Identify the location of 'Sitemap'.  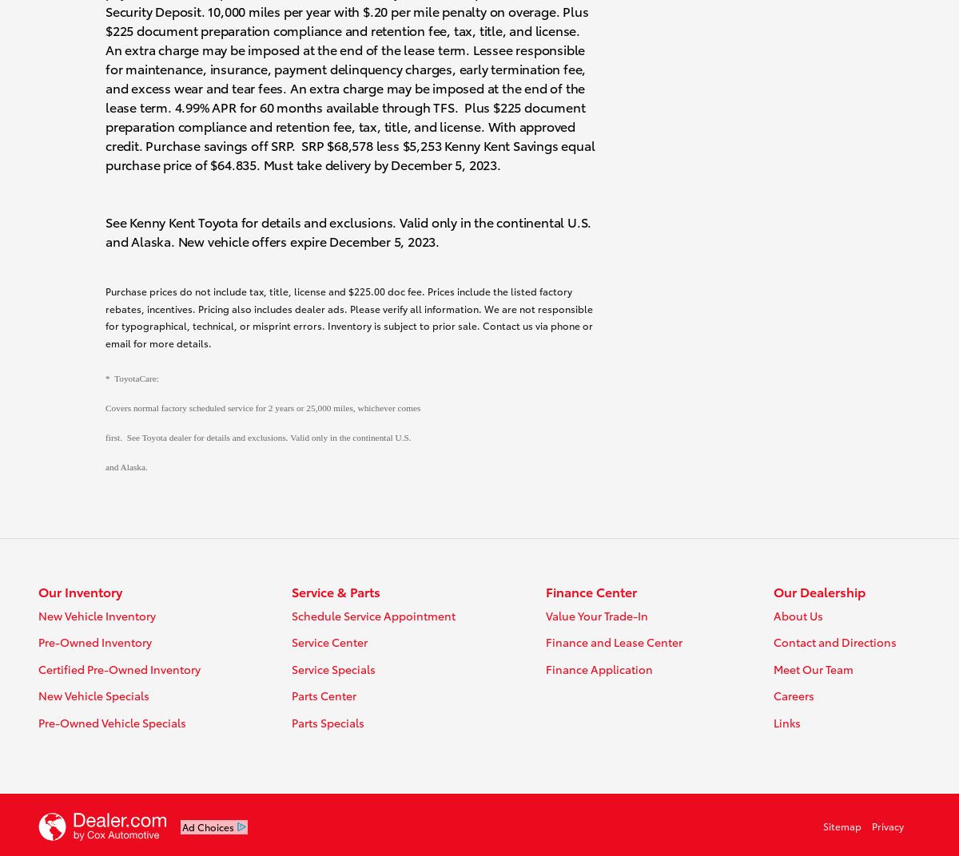
(841, 826).